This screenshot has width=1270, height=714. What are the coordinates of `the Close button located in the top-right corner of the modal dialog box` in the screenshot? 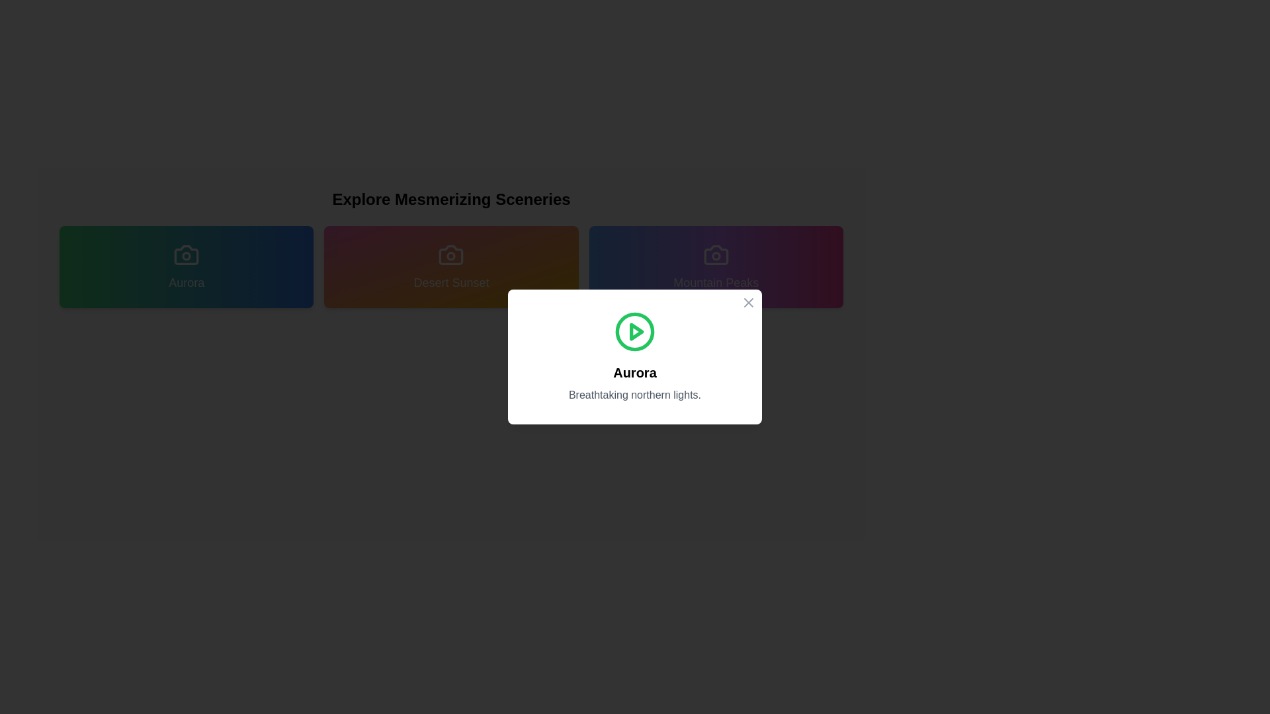 It's located at (749, 303).